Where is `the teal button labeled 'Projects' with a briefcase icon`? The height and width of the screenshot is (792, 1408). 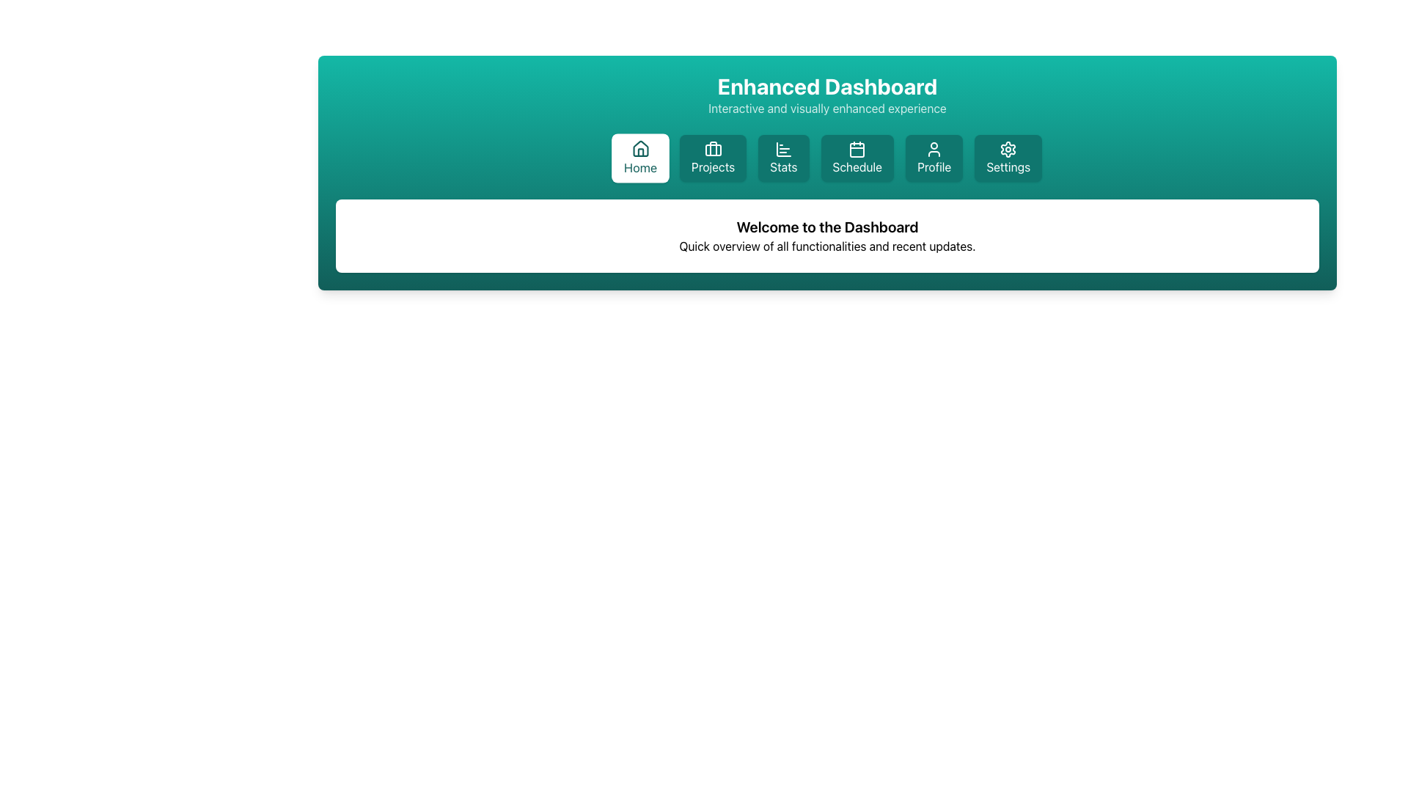 the teal button labeled 'Projects' with a briefcase icon is located at coordinates (713, 158).